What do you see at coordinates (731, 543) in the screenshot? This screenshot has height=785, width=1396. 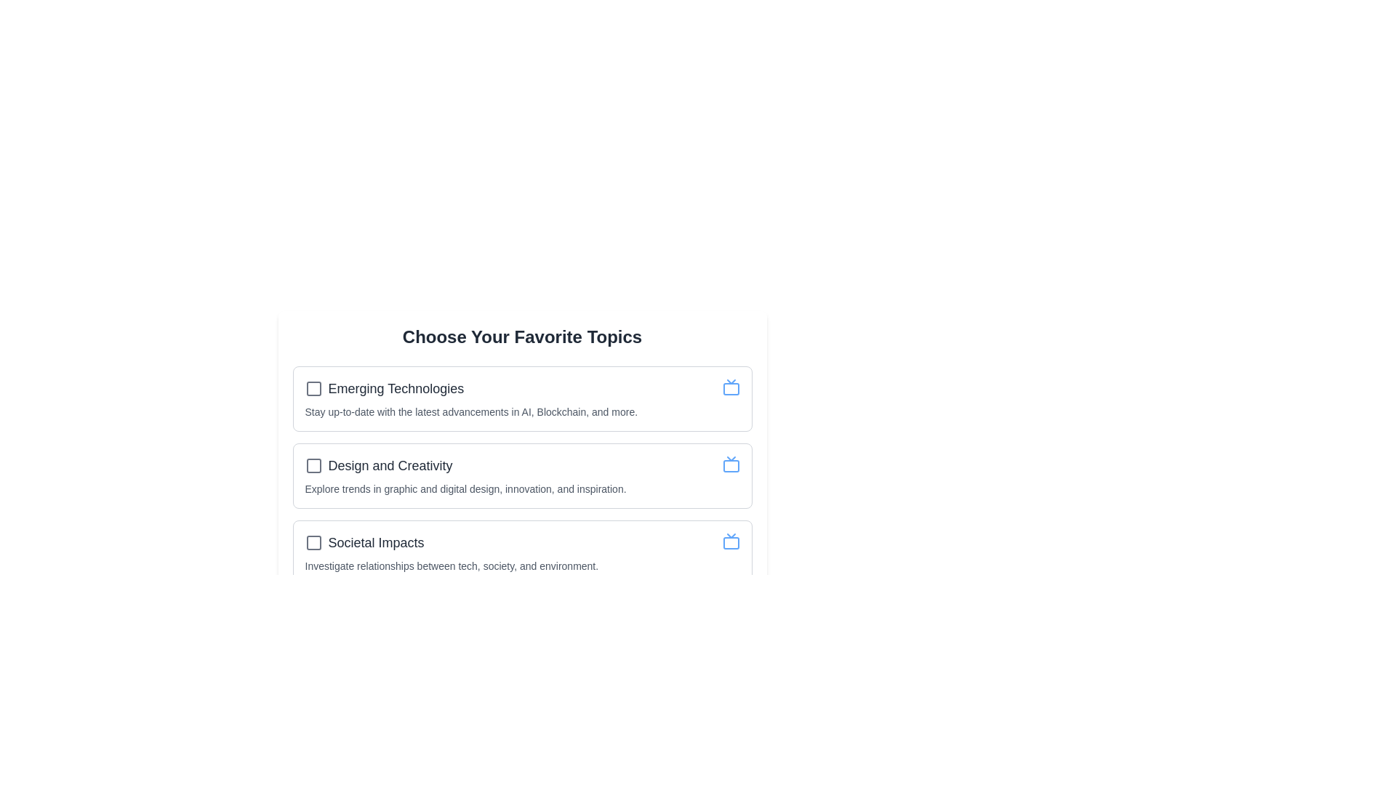 I see `the Decorative SVG rectangle that represents a TV icon, located to the right of the list item 'Societal Impacts'` at bounding box center [731, 543].